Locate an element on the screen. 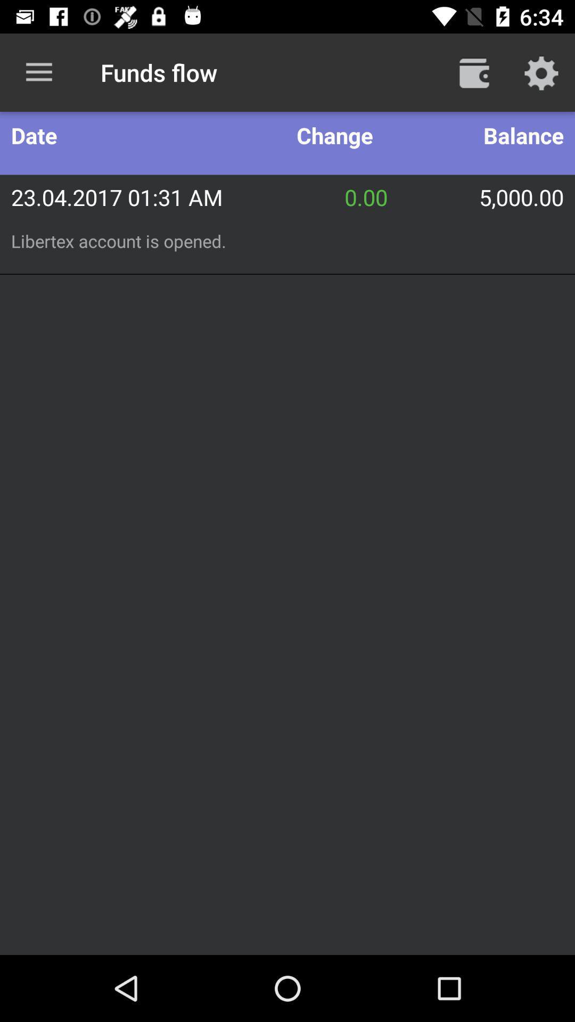  the item above the date  icon is located at coordinates (38, 72).